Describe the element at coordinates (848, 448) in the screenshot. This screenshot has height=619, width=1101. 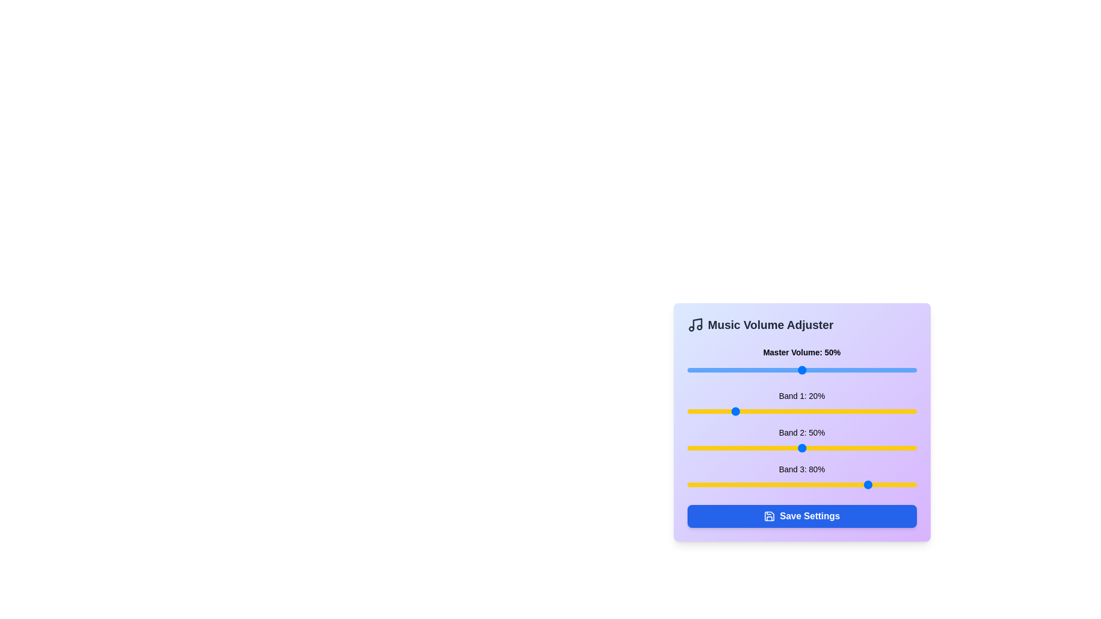
I see `Band 2's volume` at that location.